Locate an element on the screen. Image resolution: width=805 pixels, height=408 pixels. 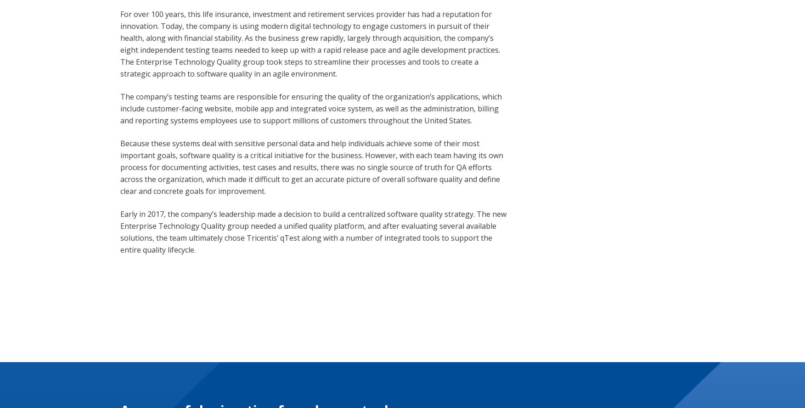
'News' is located at coordinates (128, 376).